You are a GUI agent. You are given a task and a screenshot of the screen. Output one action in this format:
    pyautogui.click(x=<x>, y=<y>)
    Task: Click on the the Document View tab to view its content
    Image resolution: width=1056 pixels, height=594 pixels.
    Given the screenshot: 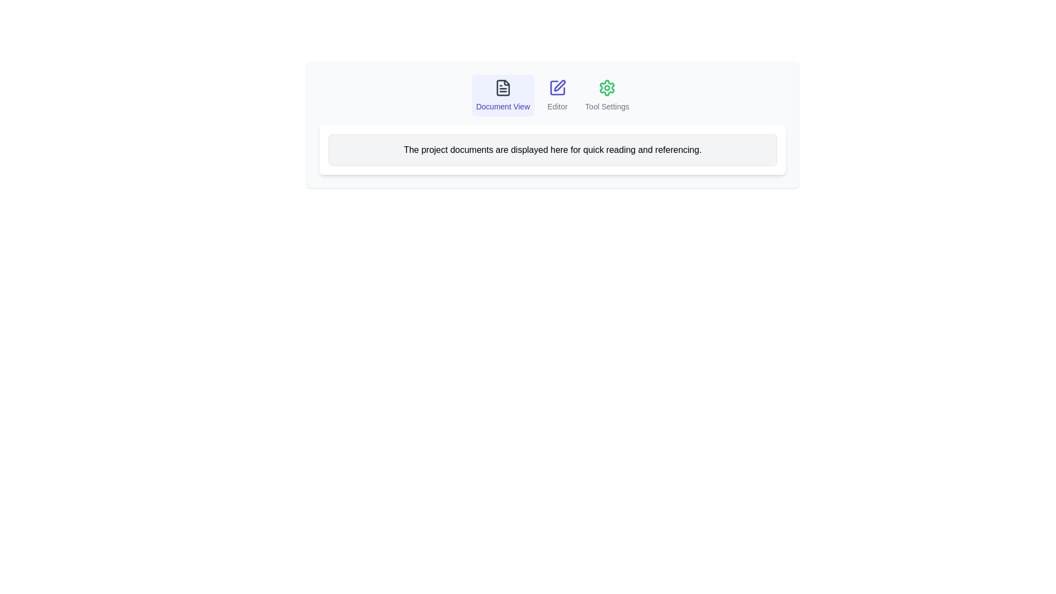 What is the action you would take?
    pyautogui.click(x=502, y=95)
    